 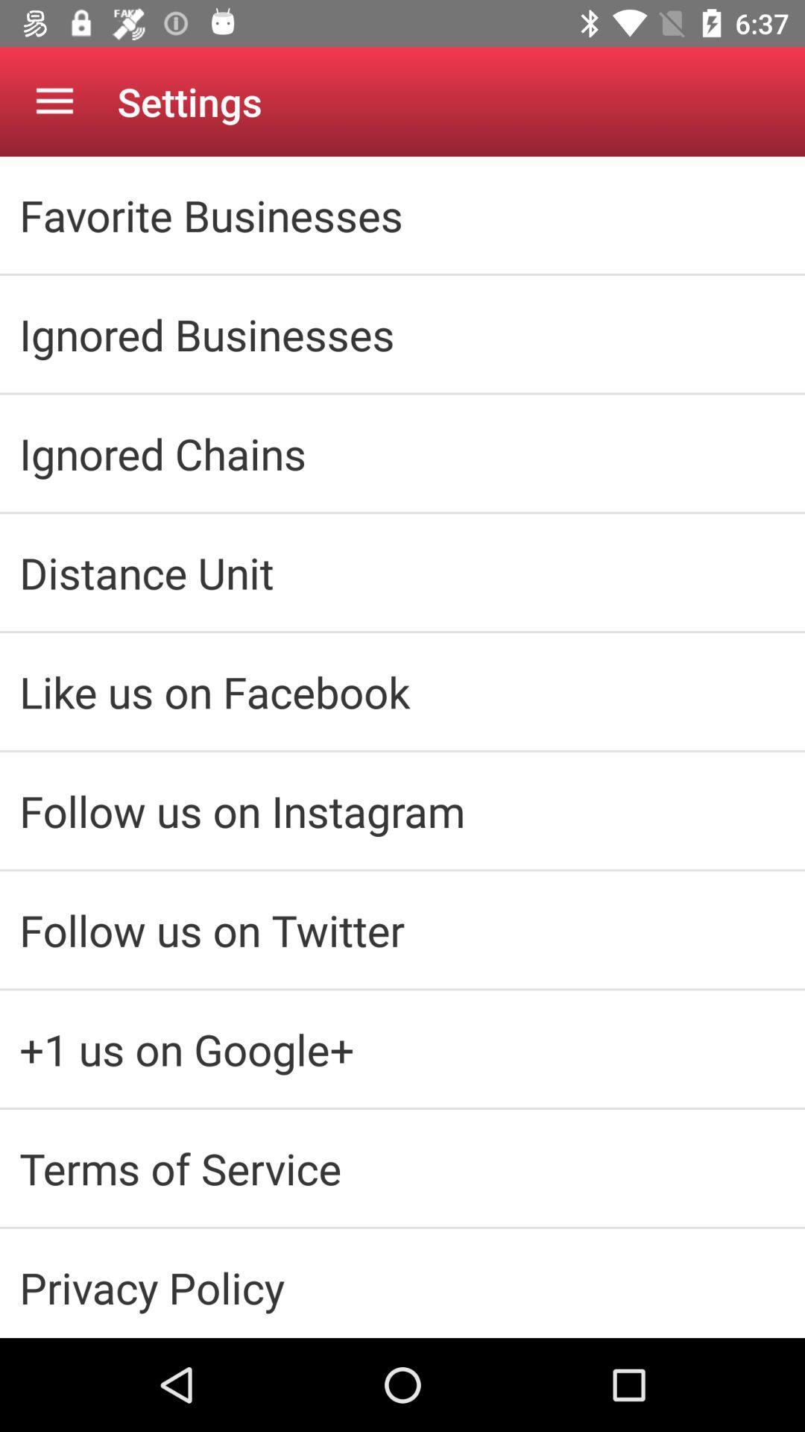 What do you see at coordinates (402, 1167) in the screenshot?
I see `the terms of service icon` at bounding box center [402, 1167].